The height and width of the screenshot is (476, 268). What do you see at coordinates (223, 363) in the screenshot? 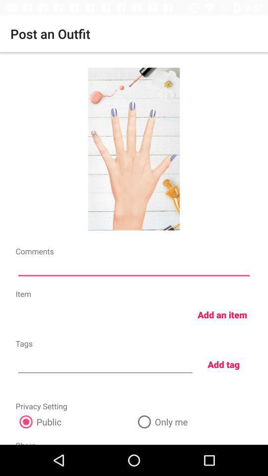
I see `the add tag item` at bounding box center [223, 363].